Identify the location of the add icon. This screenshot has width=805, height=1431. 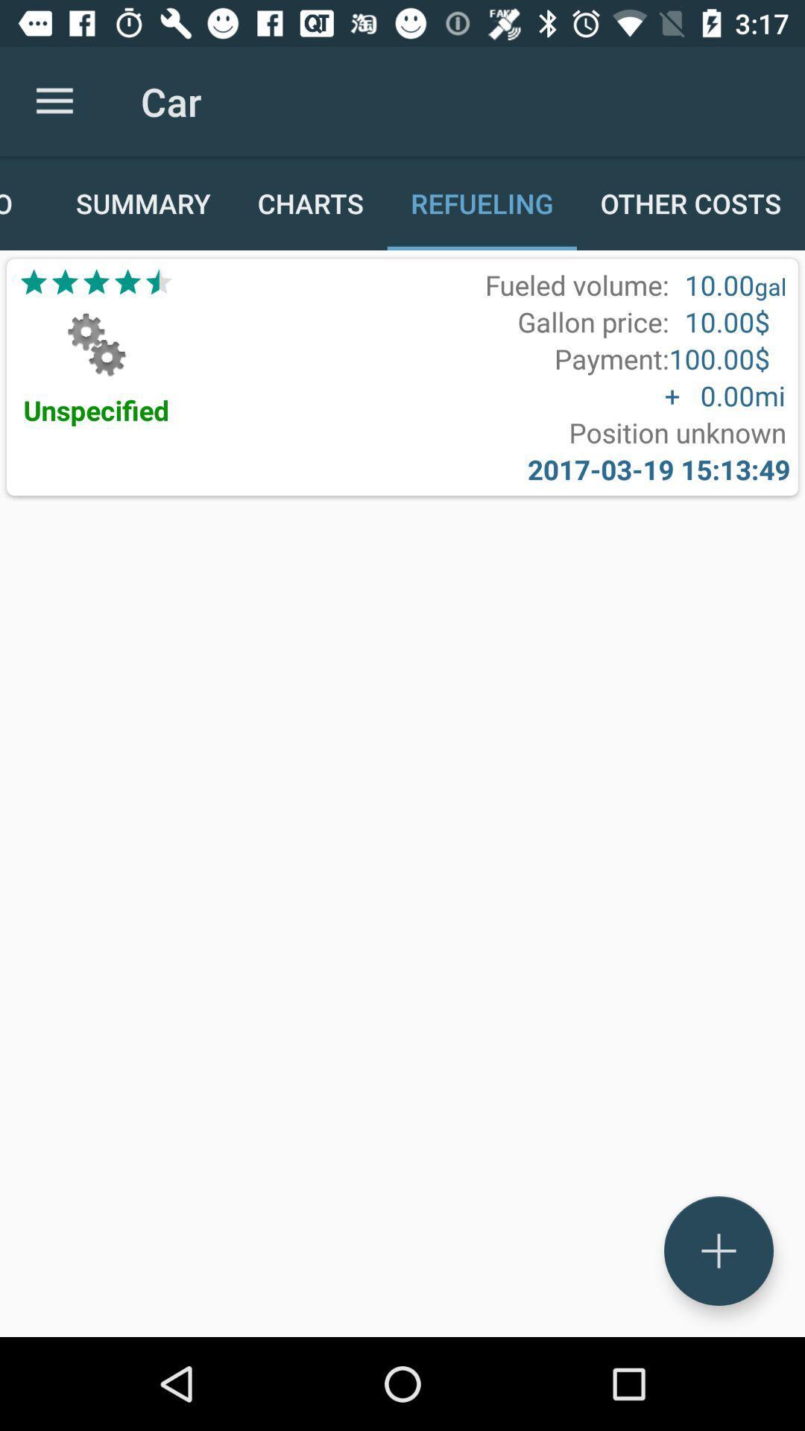
(718, 1251).